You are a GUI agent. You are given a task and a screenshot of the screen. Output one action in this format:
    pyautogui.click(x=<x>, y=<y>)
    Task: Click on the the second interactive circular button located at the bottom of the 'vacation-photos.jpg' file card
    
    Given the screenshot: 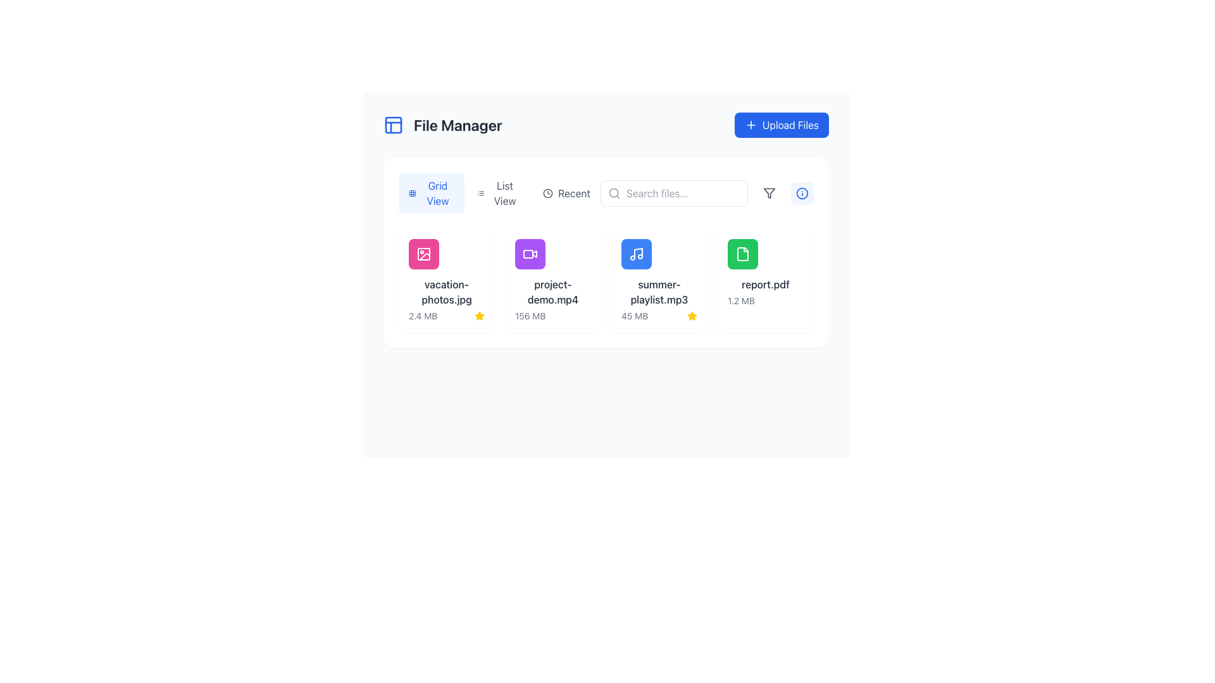 What is the action you would take?
    pyautogui.click(x=446, y=314)
    